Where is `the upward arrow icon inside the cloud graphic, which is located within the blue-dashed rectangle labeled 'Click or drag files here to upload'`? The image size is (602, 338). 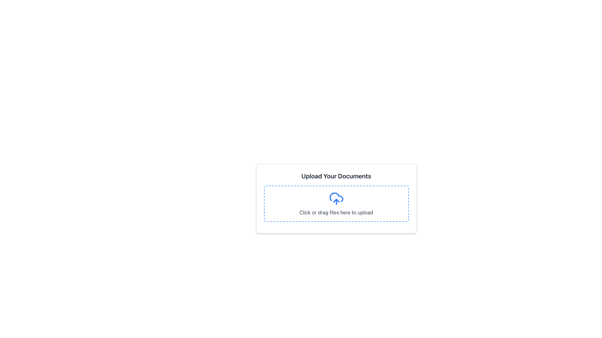
the upward arrow icon inside the cloud graphic, which is located within the blue-dashed rectangle labeled 'Click or drag files here to upload' is located at coordinates (336, 200).